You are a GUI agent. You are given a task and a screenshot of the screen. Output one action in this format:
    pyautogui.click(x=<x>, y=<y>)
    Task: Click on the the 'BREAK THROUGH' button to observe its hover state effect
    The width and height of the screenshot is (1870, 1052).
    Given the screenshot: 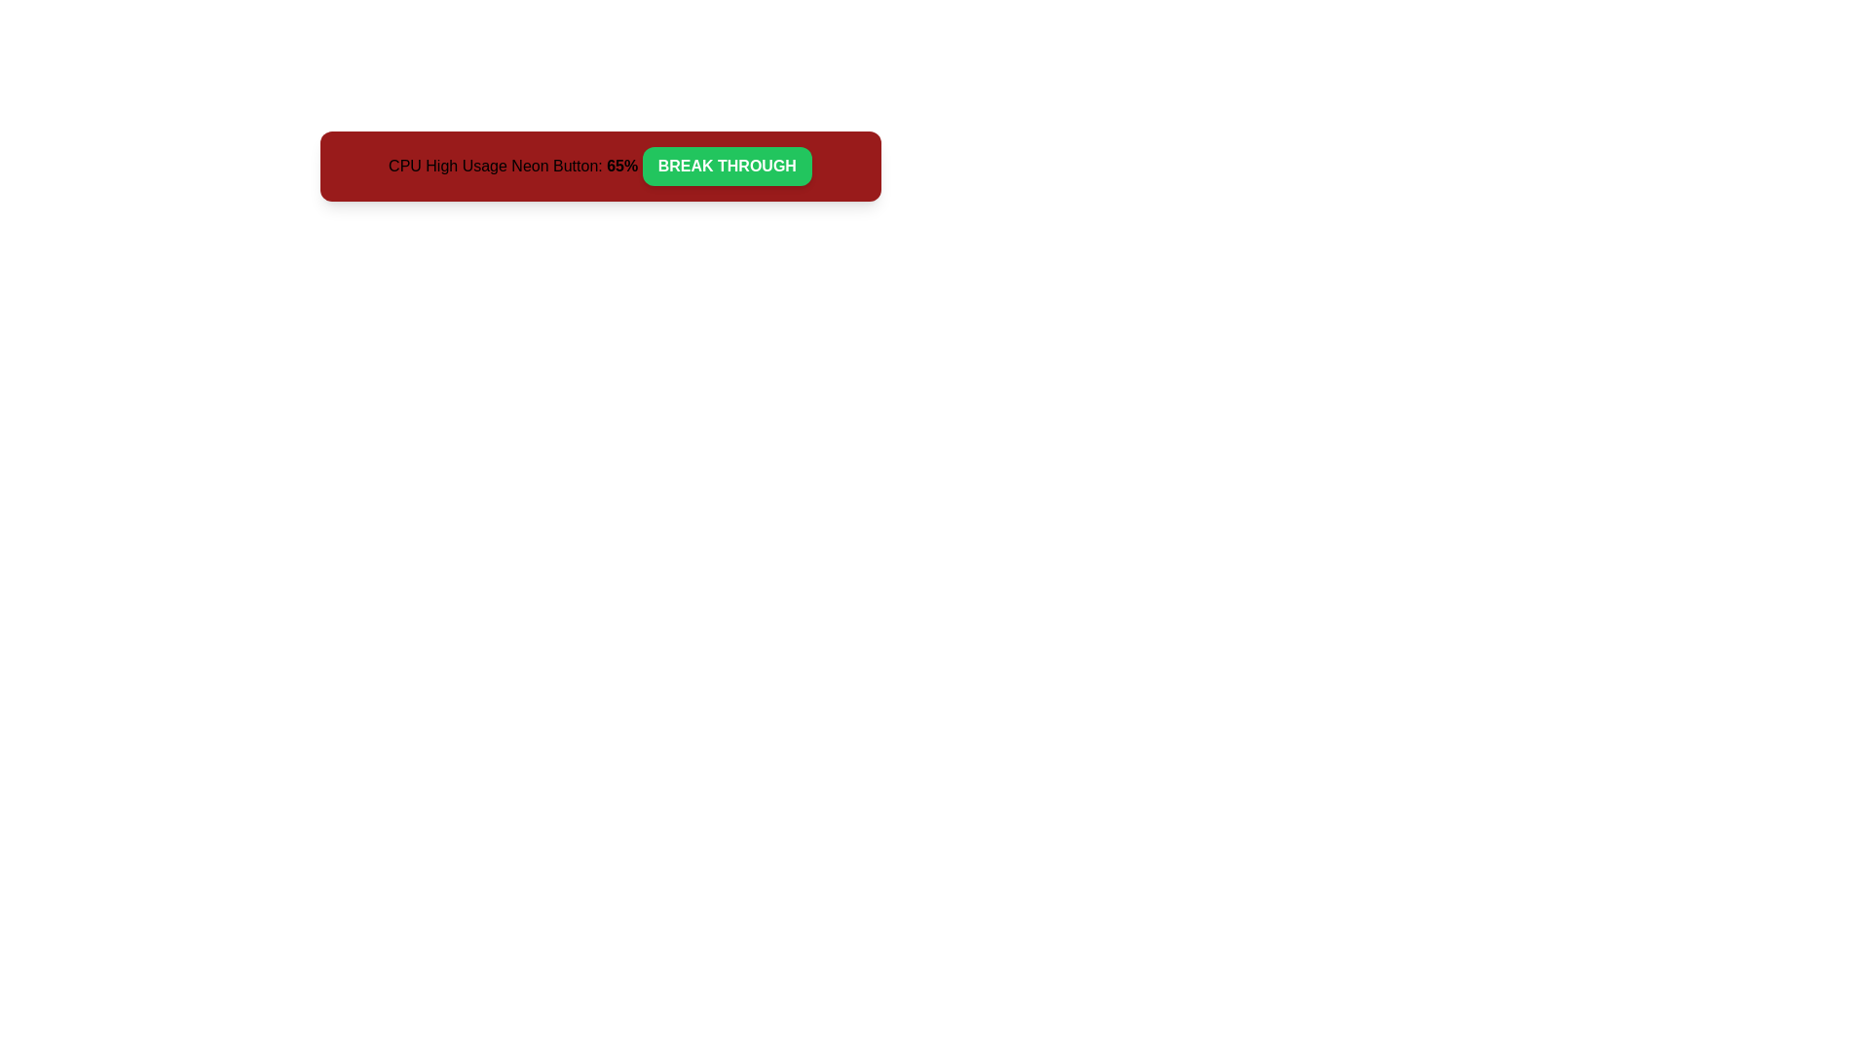 What is the action you would take?
    pyautogui.click(x=726, y=165)
    